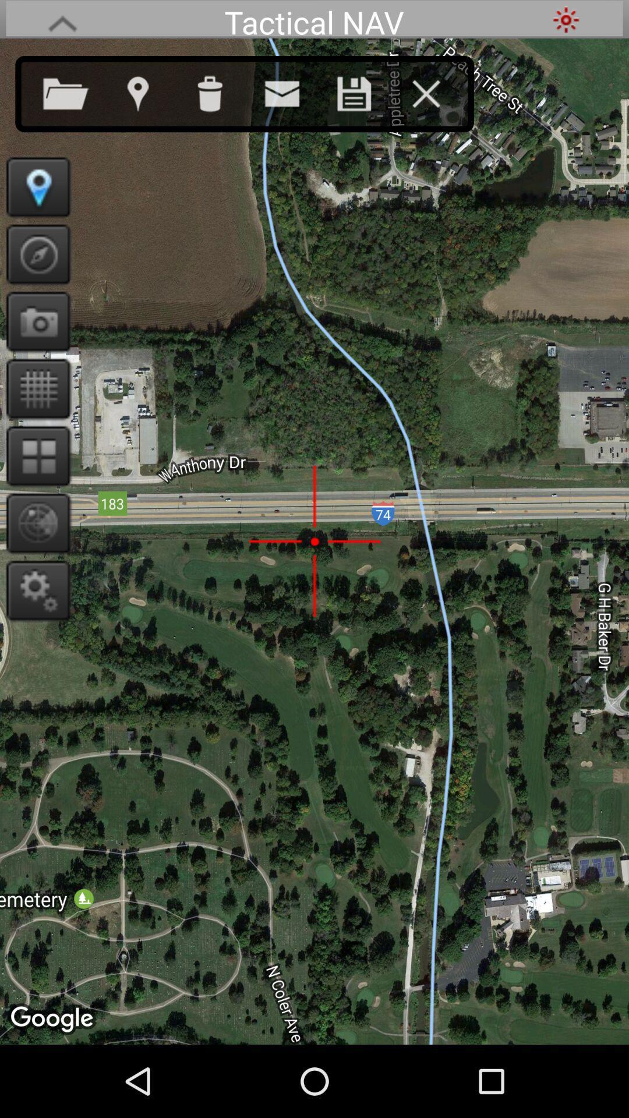  I want to click on hide header, so click(62, 19).